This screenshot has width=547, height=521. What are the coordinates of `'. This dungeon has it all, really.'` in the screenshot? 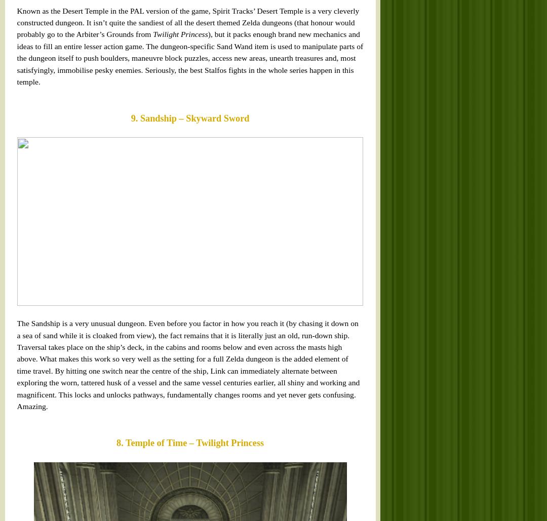 It's located at (252, 454).